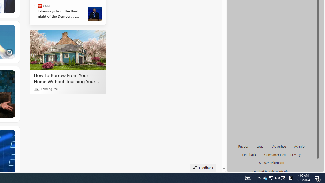  I want to click on 'LendingTree', so click(50, 88).